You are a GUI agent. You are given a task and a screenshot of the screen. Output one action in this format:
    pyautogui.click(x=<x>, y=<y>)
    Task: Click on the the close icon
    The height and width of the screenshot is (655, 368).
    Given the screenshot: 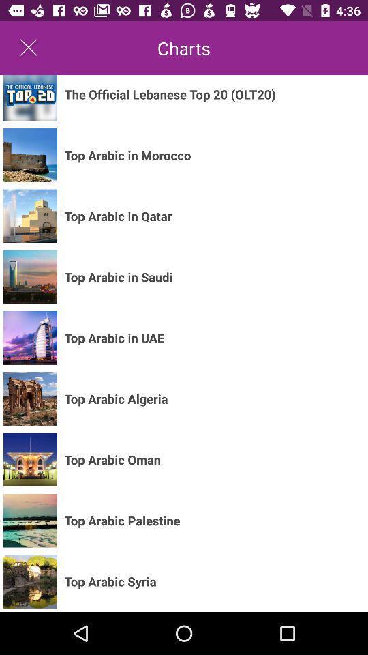 What is the action you would take?
    pyautogui.click(x=29, y=48)
    